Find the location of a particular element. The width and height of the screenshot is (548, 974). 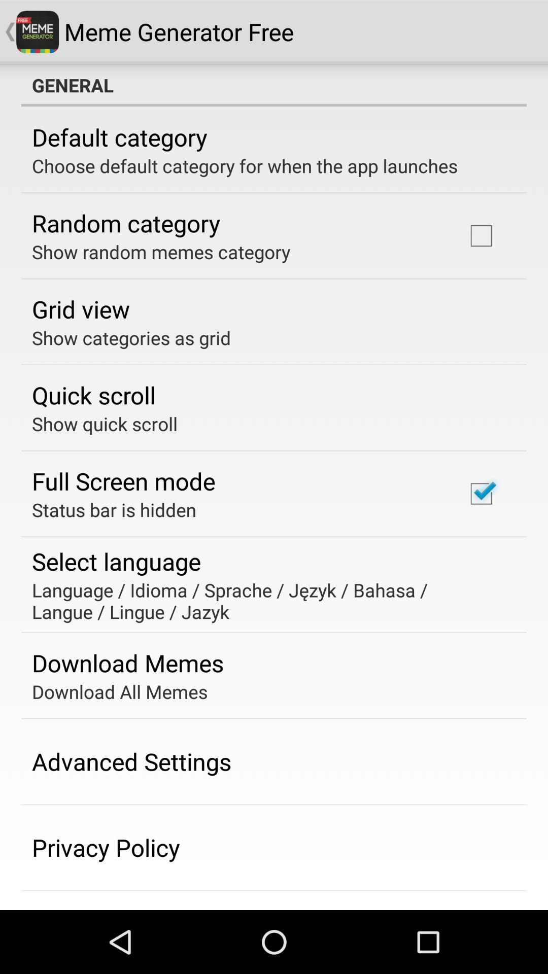

the privacy policy is located at coordinates (106, 847).